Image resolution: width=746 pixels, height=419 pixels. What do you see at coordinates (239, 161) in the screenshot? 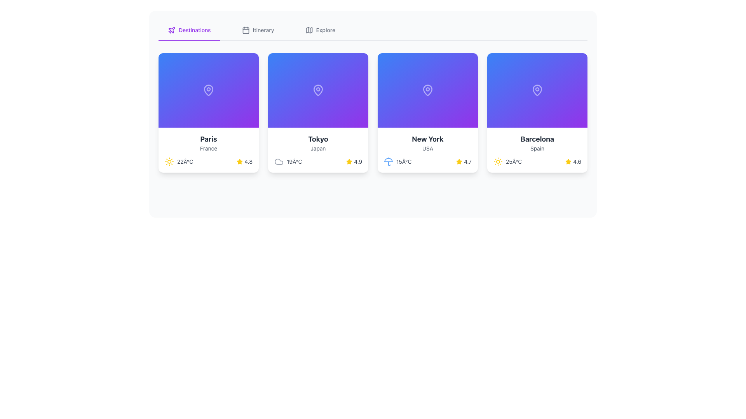
I see `the state of the star icon indicating a high rating or favorite status, which is located in the lower right section of the first card, to the left of the '4.8' rating text and above the temperature indicator` at bounding box center [239, 161].